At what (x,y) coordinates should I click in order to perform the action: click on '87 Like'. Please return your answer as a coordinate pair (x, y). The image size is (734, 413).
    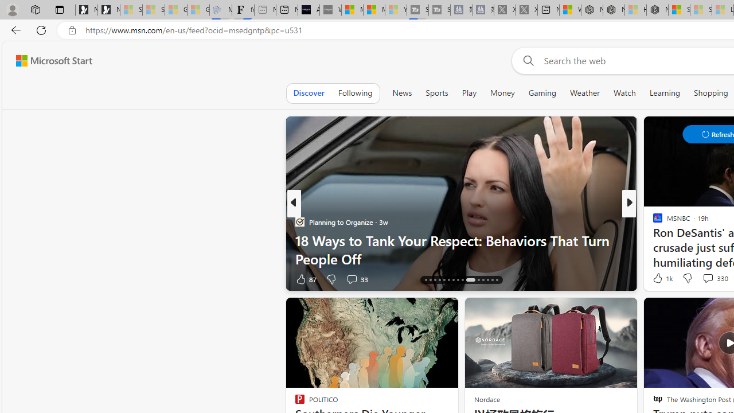
    Looking at the image, I should click on (306, 279).